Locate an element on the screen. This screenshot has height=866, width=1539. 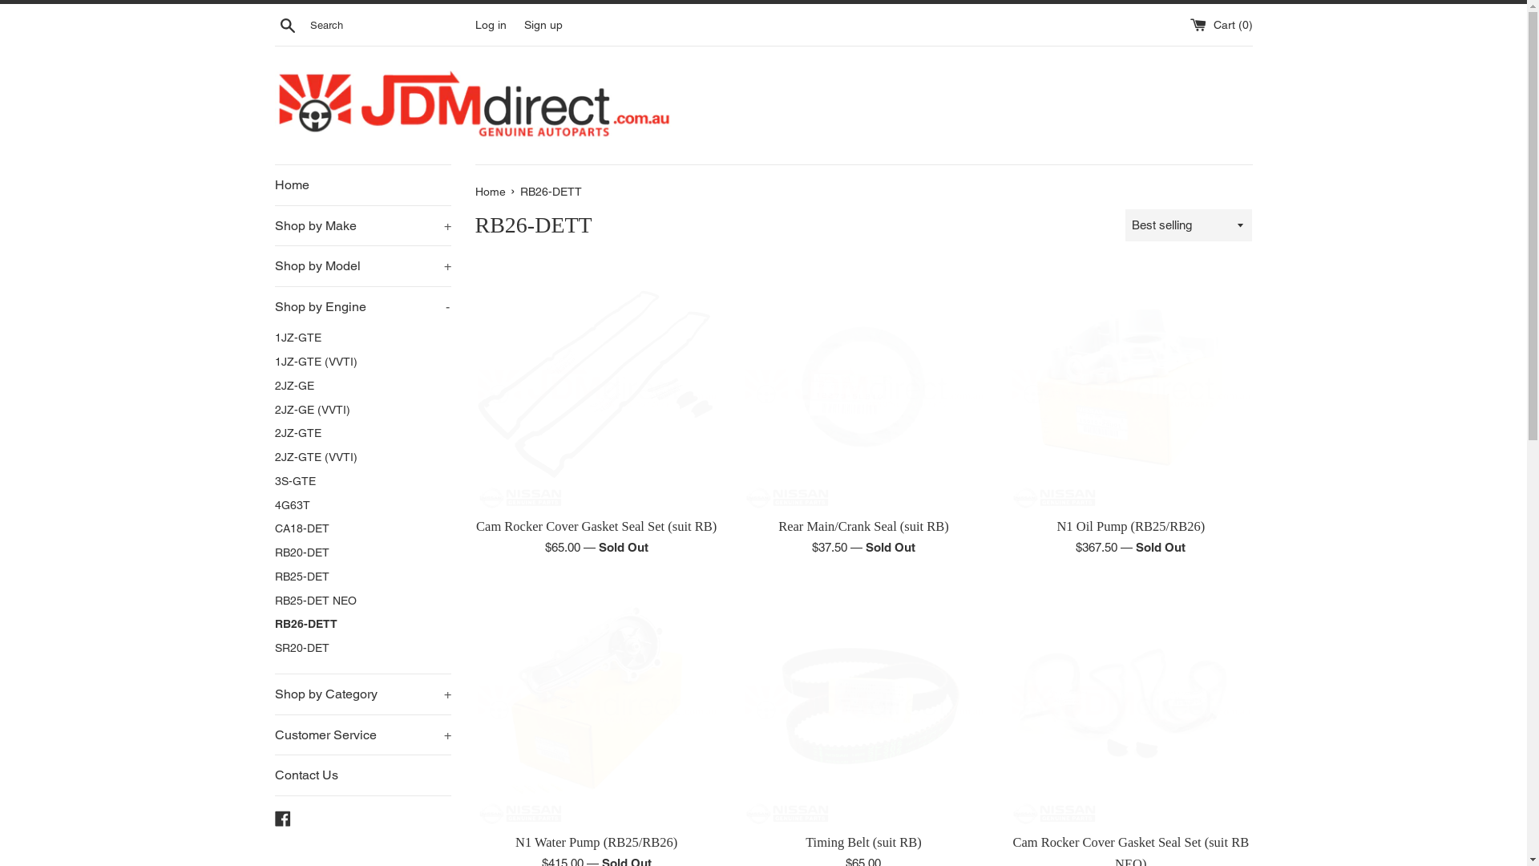
'Shop by Engine is located at coordinates (273, 306).